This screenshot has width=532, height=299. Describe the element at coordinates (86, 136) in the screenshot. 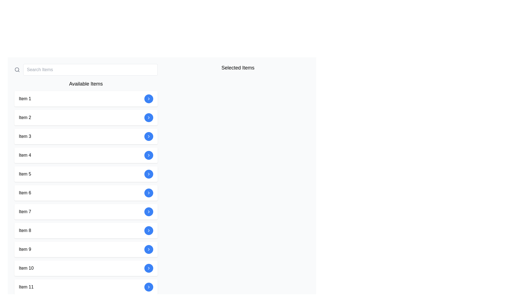

I see `the third selectable item in the menu or list, located between 'Item 2' and 'Item 4'` at that location.